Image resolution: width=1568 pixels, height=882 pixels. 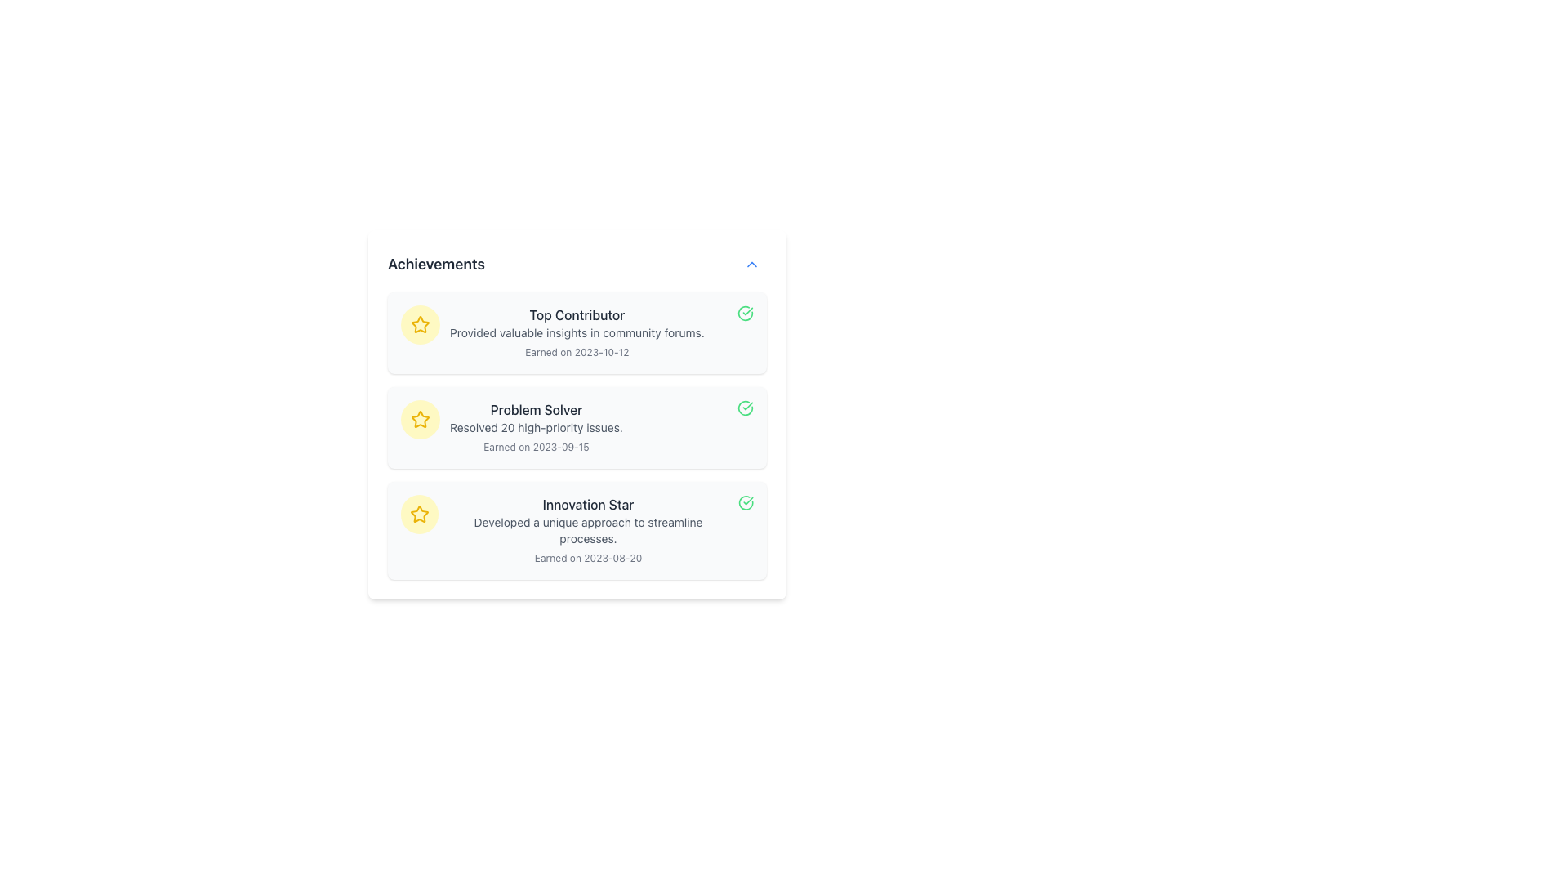 I want to click on the star icon indicating achievement within the 'Achievements' section, specifically at the top left of the first achievement listing titled 'Top Contributor', so click(x=420, y=513).